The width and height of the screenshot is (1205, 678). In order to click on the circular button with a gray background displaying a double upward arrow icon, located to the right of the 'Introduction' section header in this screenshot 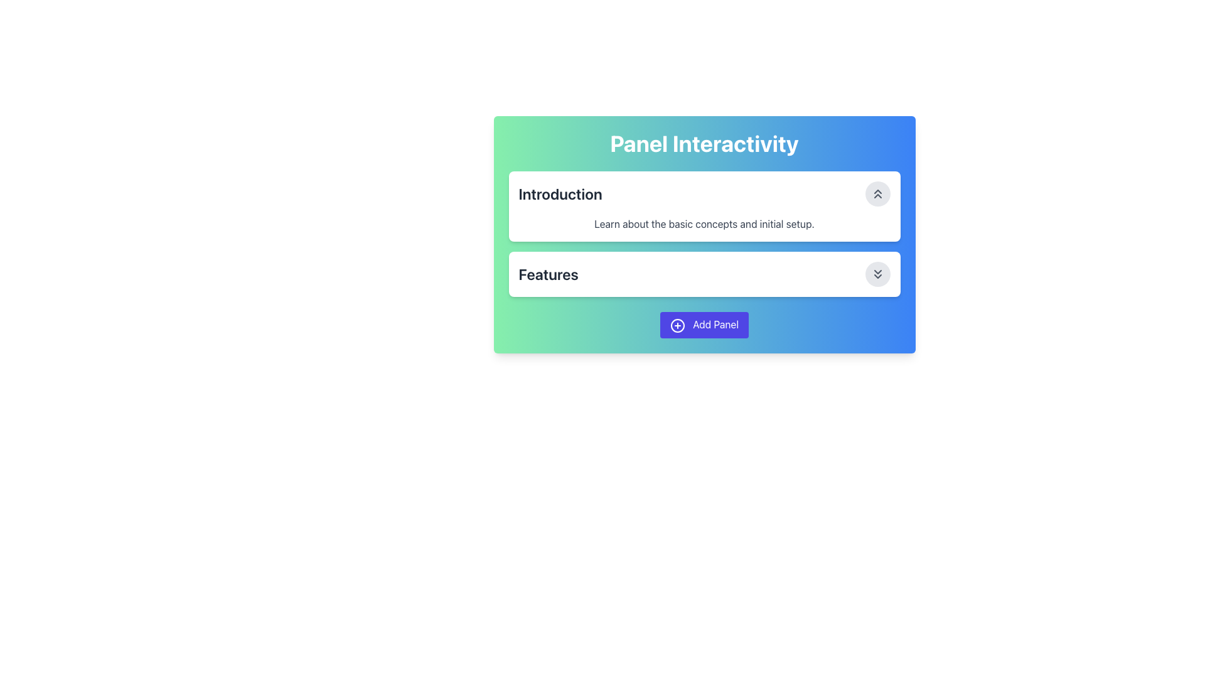, I will do `click(877, 193)`.